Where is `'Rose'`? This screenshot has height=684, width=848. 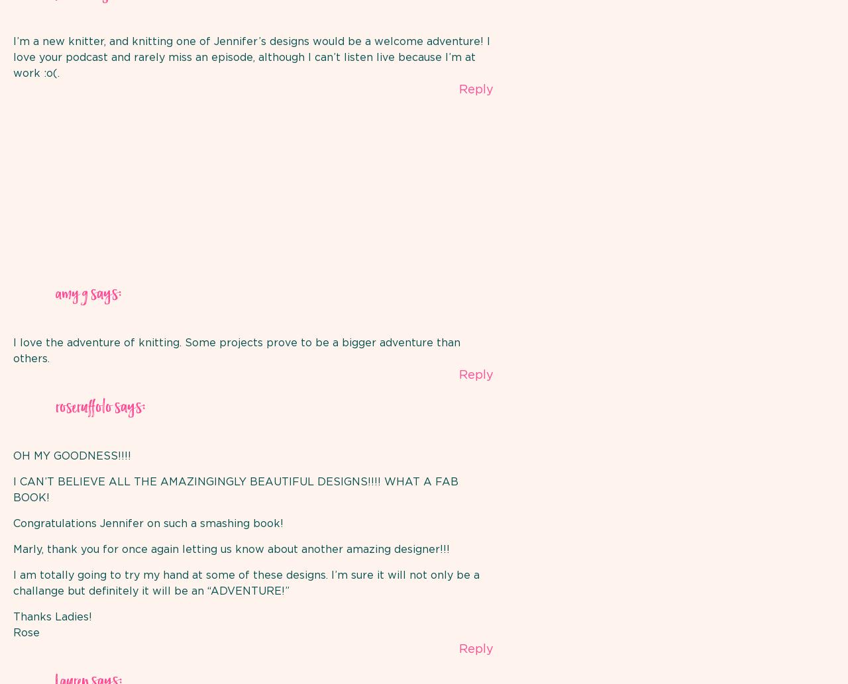
'Rose' is located at coordinates (26, 632).